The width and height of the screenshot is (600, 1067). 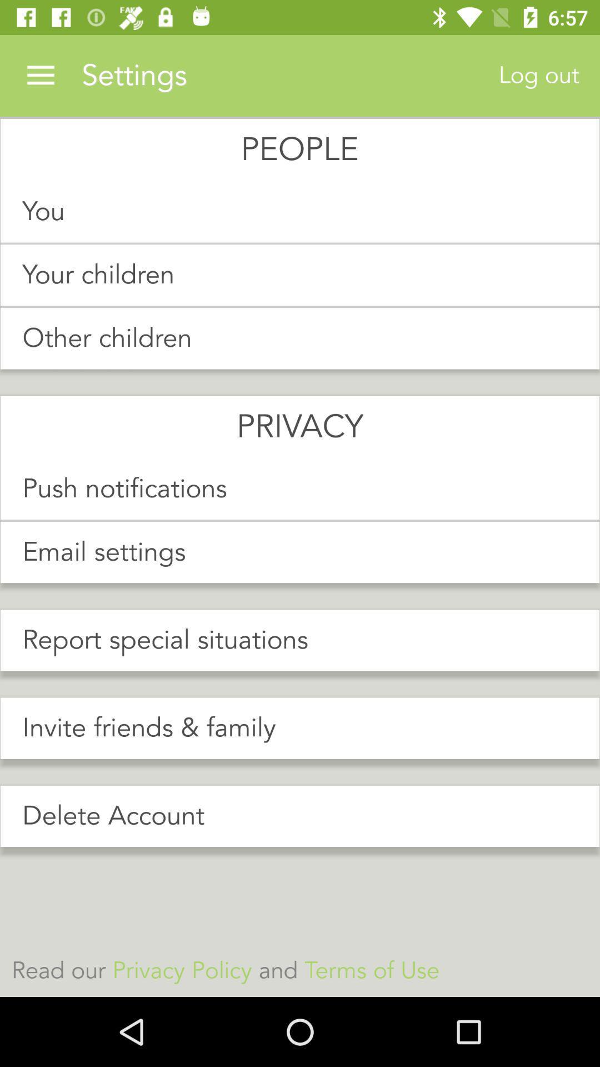 What do you see at coordinates (300, 816) in the screenshot?
I see `item above read our privacy` at bounding box center [300, 816].